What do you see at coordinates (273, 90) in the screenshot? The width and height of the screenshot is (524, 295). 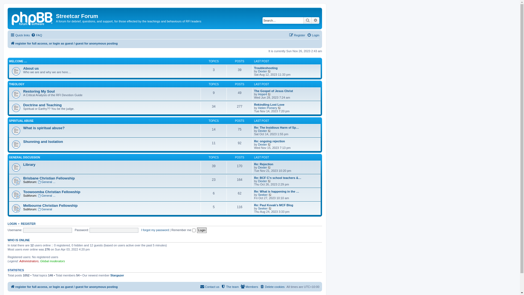 I see `'The Gospel of Jesus Christ'` at bounding box center [273, 90].